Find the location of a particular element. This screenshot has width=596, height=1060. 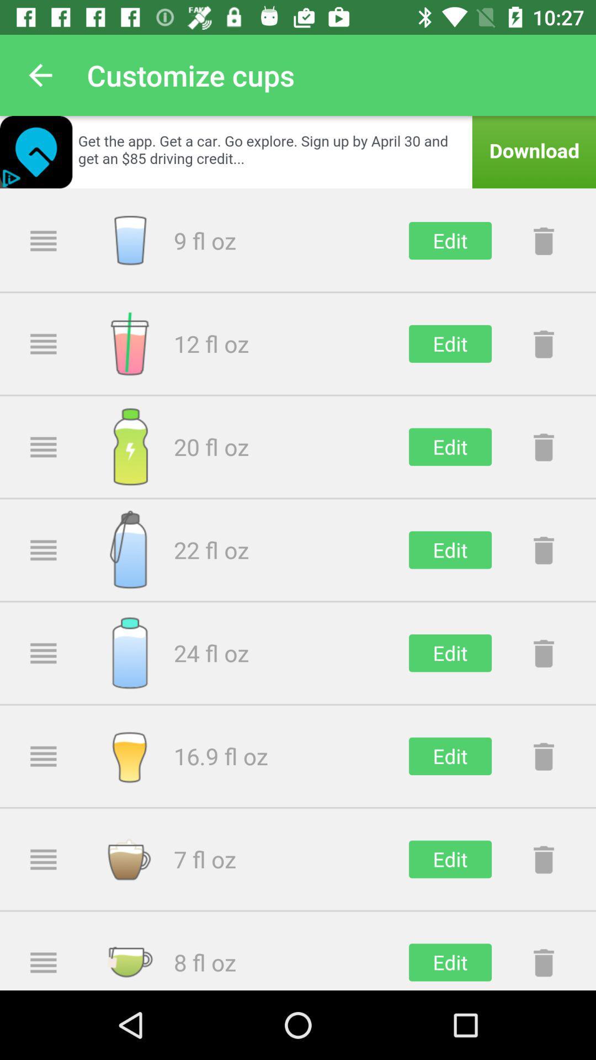

delete button is located at coordinates (543, 240).